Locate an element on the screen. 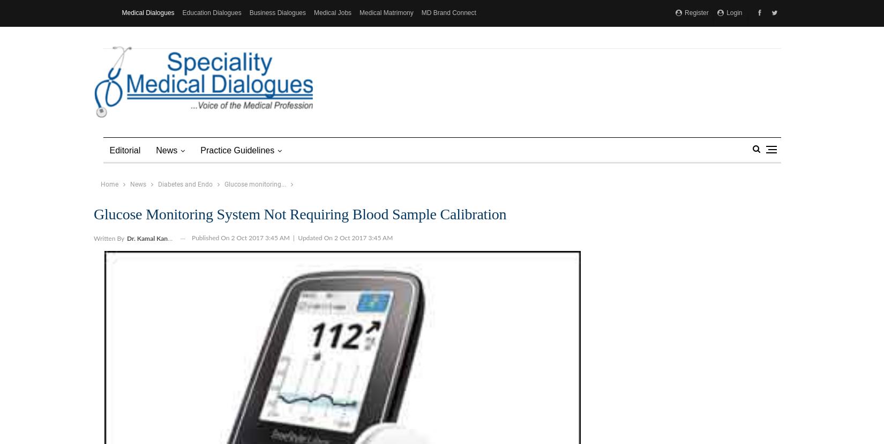 This screenshot has height=444, width=884. 'Education Dialogues' is located at coordinates (212, 13).